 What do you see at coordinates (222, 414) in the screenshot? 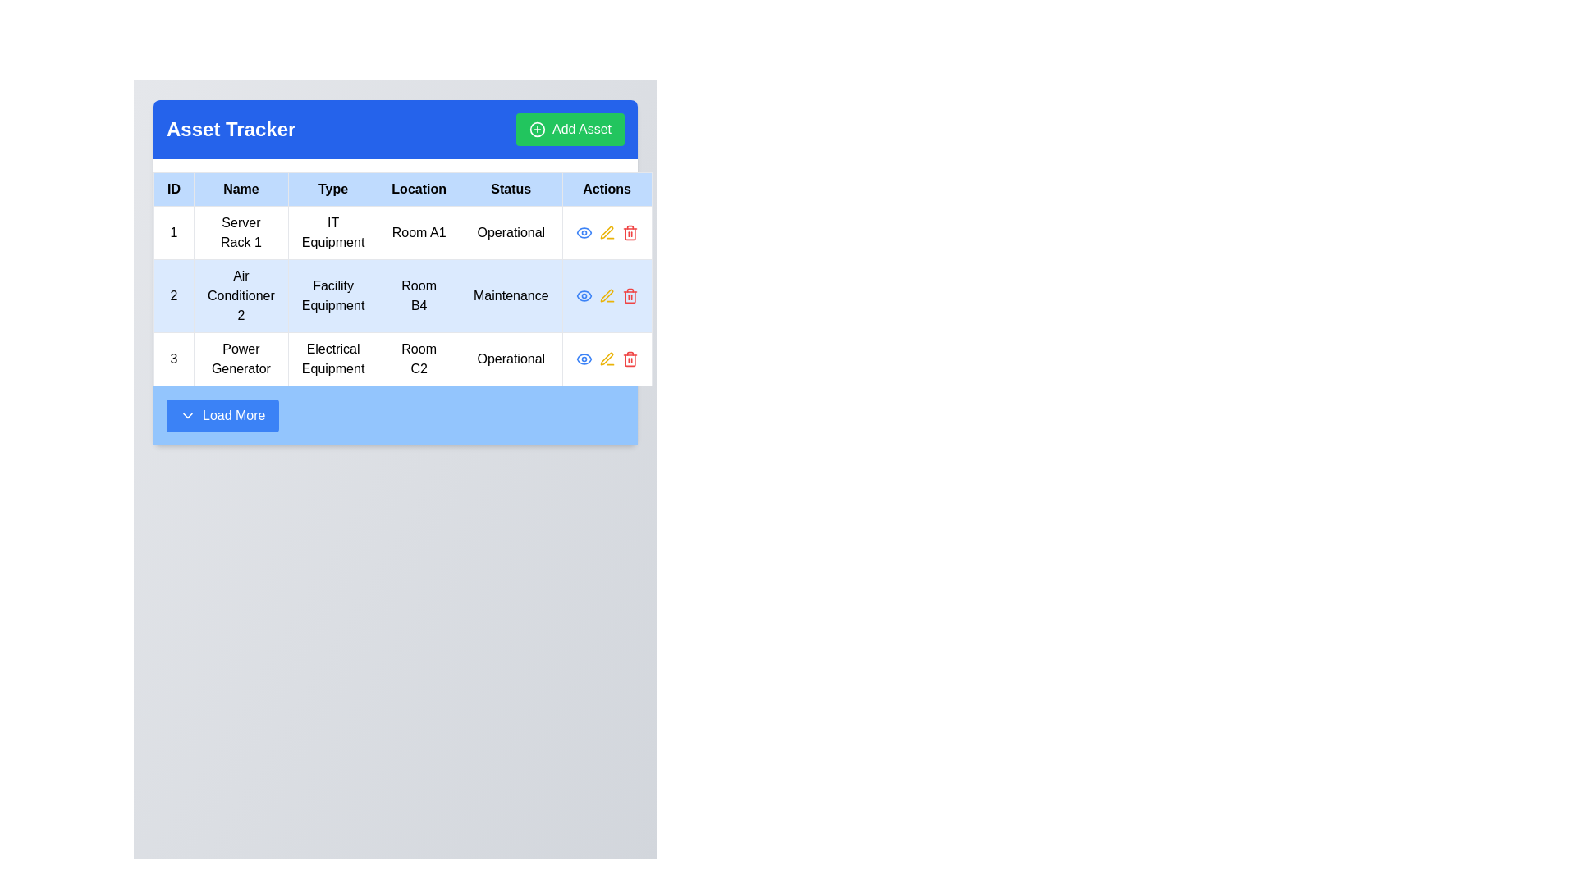
I see `the 'Load More' button using keyboard tabbing and activate it by pressing Enter or Space` at bounding box center [222, 414].